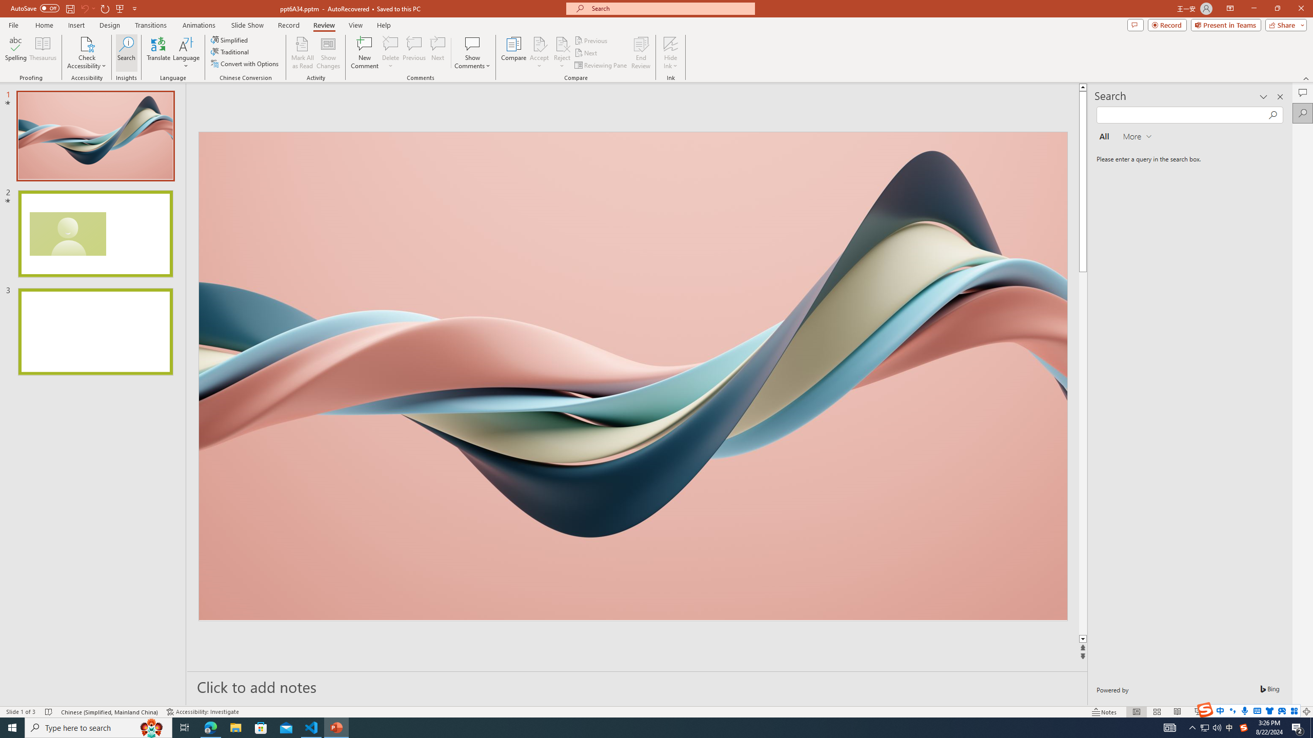  I want to click on 'Previous', so click(591, 40).